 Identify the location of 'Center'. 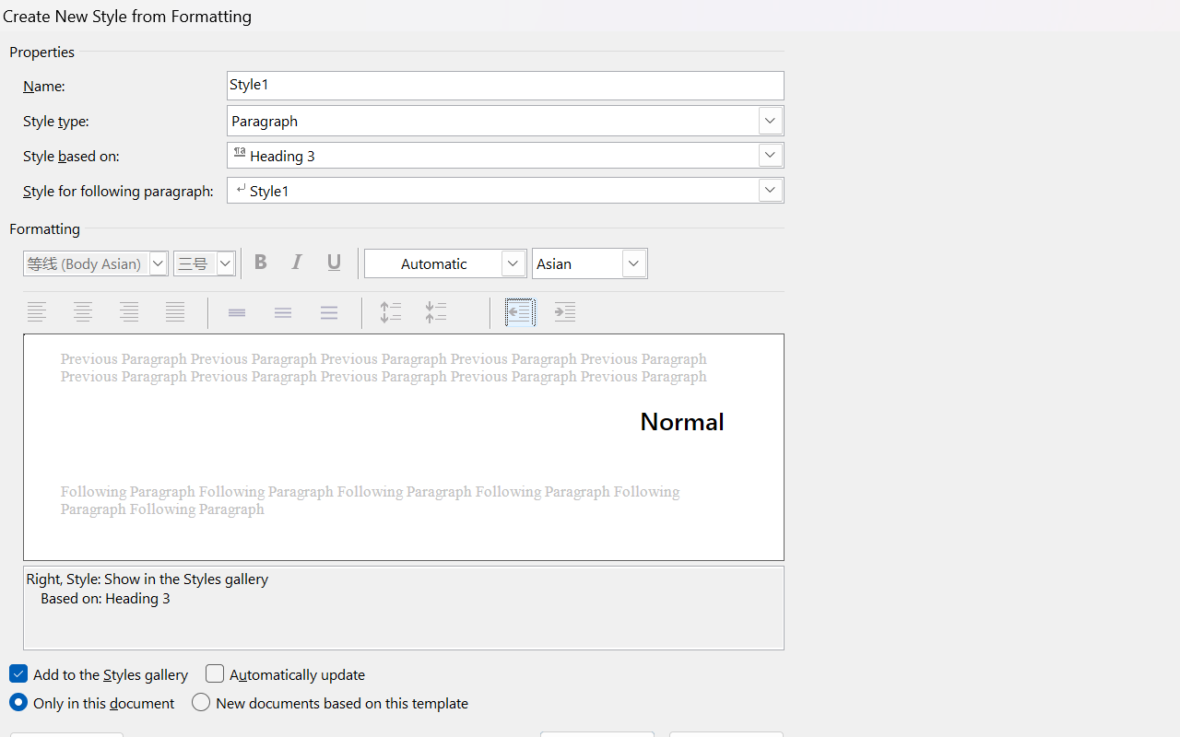
(84, 312).